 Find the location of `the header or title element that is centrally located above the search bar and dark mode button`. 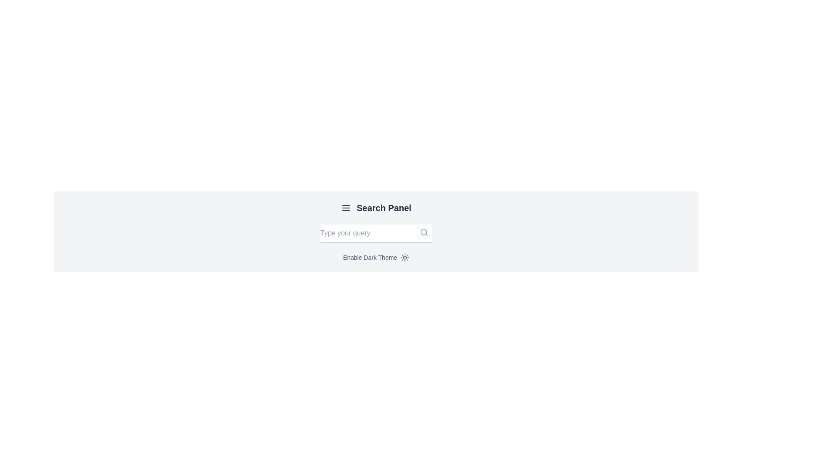

the header or title element that is centrally located above the search bar and dark mode button is located at coordinates (376, 208).